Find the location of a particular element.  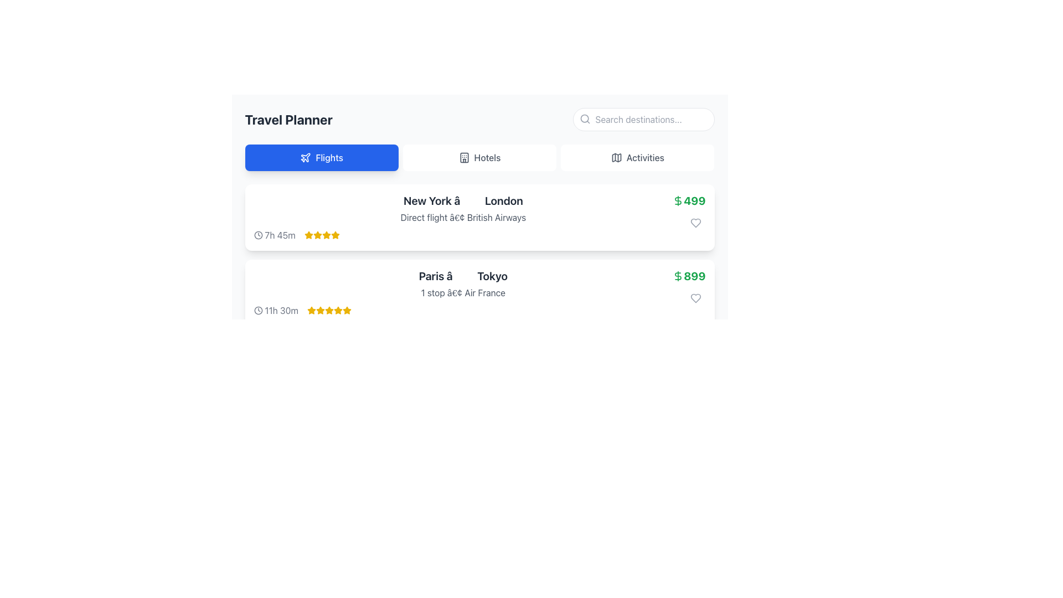

the circular part of the search icon located inside the search bar in the top-right portion of the layout is located at coordinates (584, 118).